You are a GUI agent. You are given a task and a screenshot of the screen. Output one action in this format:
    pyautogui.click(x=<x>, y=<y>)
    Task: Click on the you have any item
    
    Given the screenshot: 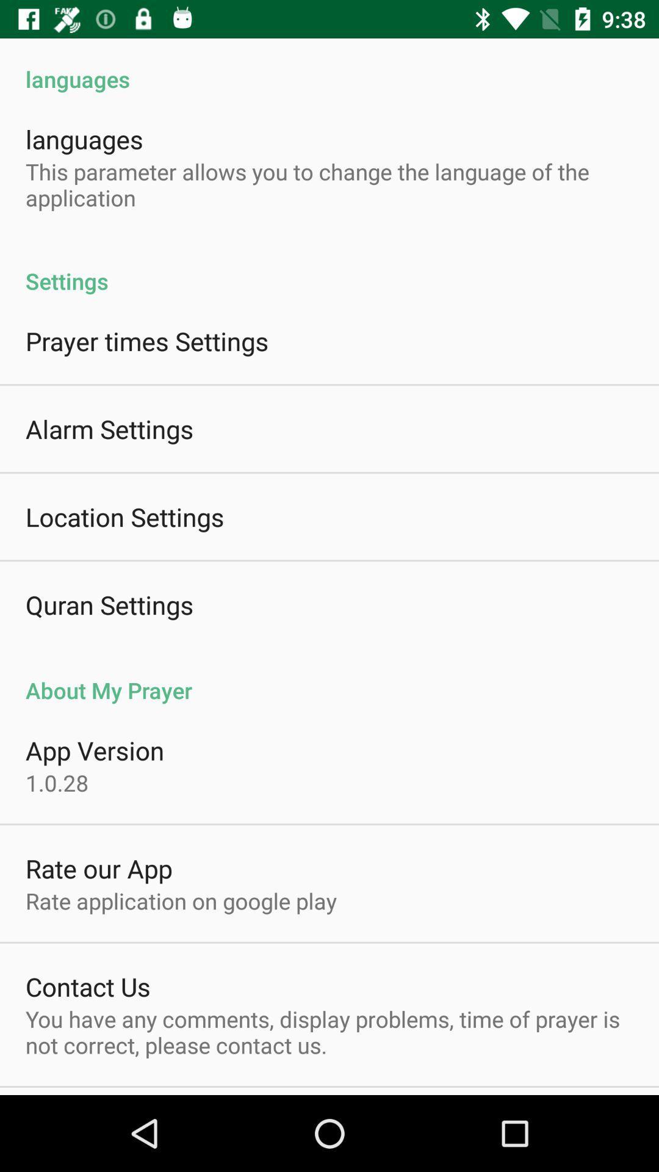 What is the action you would take?
    pyautogui.click(x=329, y=1031)
    